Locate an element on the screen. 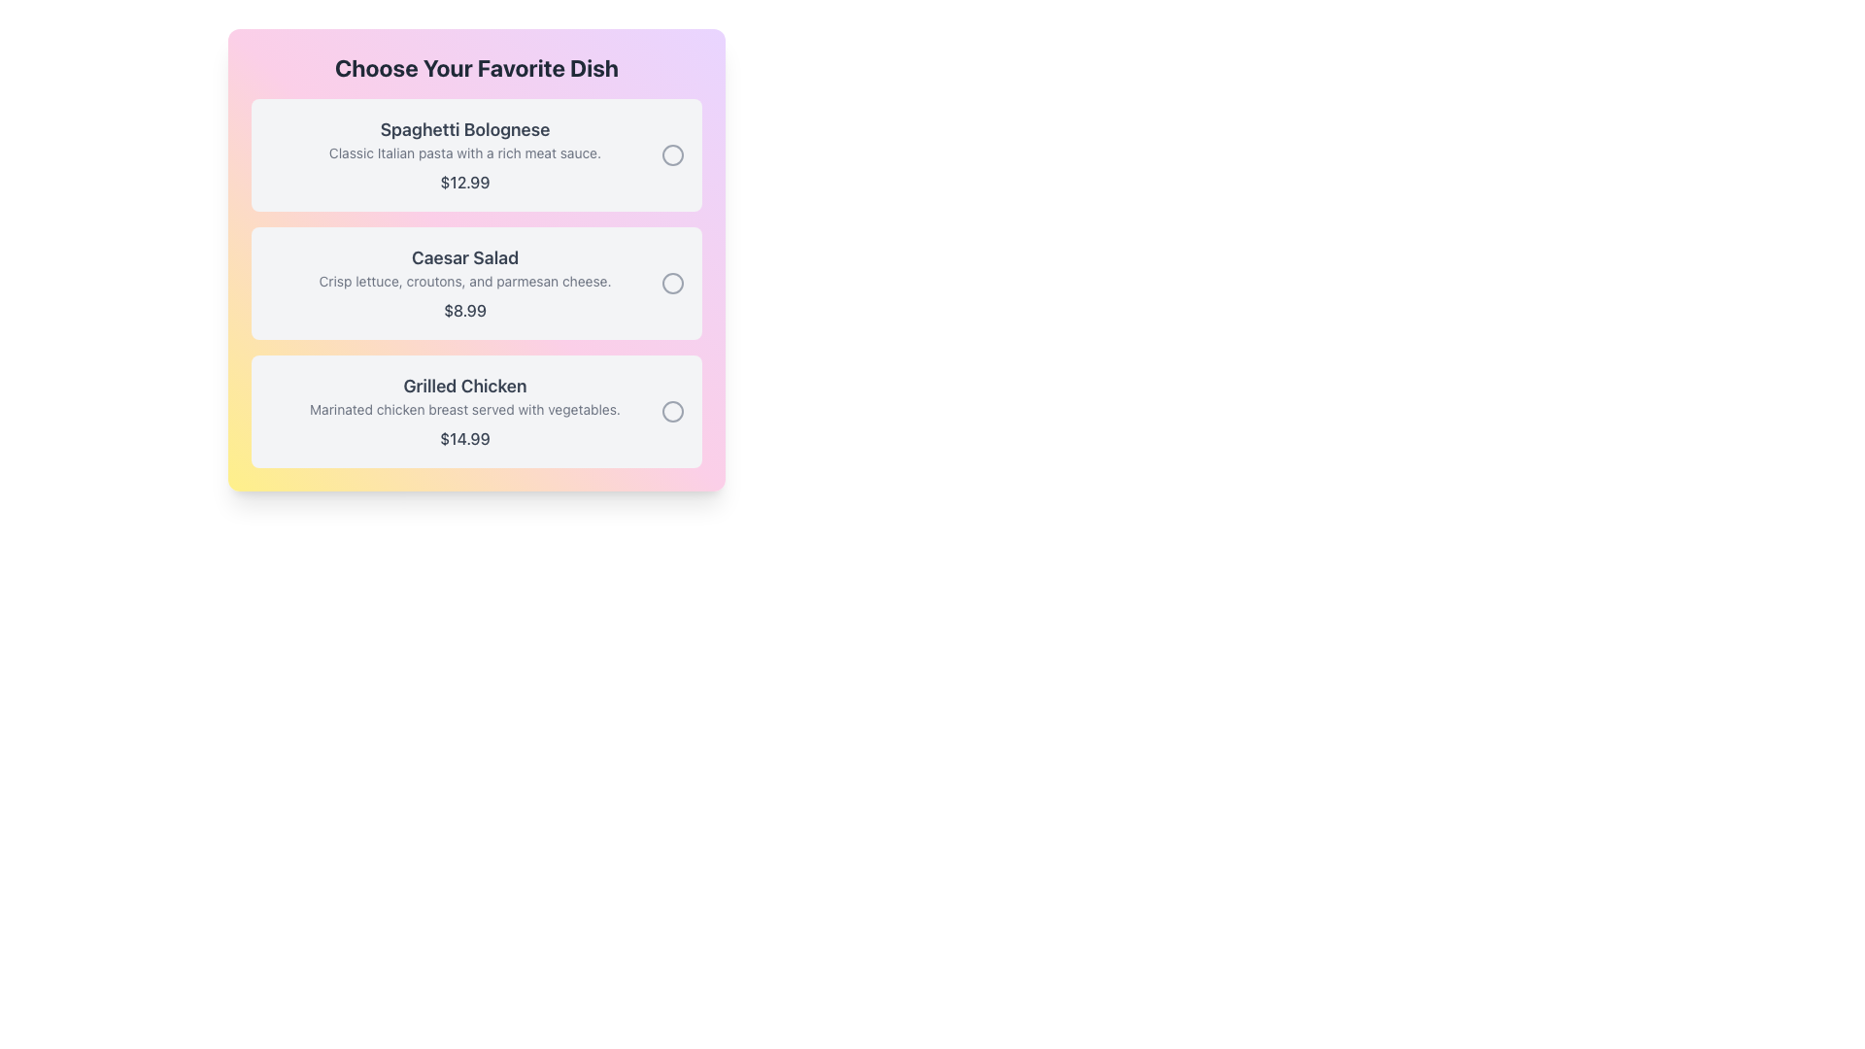  the text label displaying 'Grilled Chicken', which is bold and centrally aligned, serving as the title for the third menu option is located at coordinates (464, 386).